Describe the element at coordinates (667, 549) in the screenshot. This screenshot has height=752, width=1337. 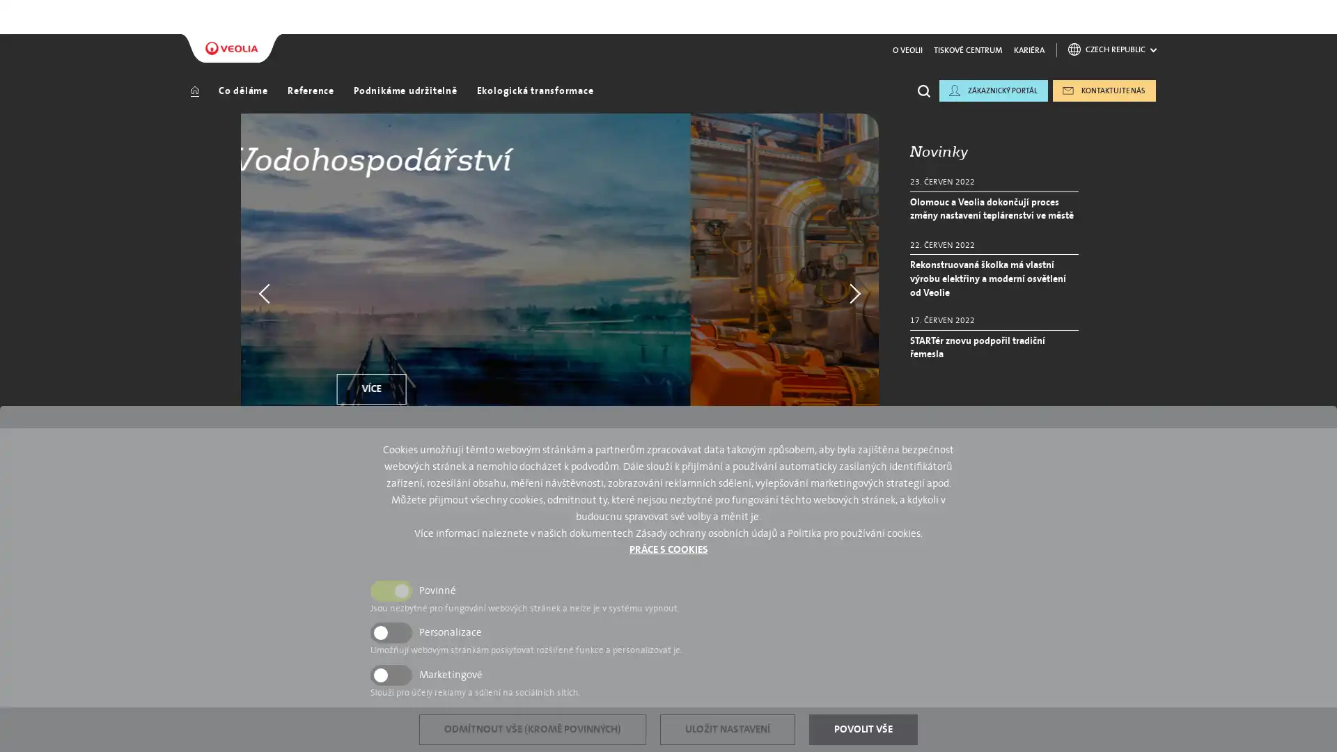
I see `PRACE S COOKIES` at that location.